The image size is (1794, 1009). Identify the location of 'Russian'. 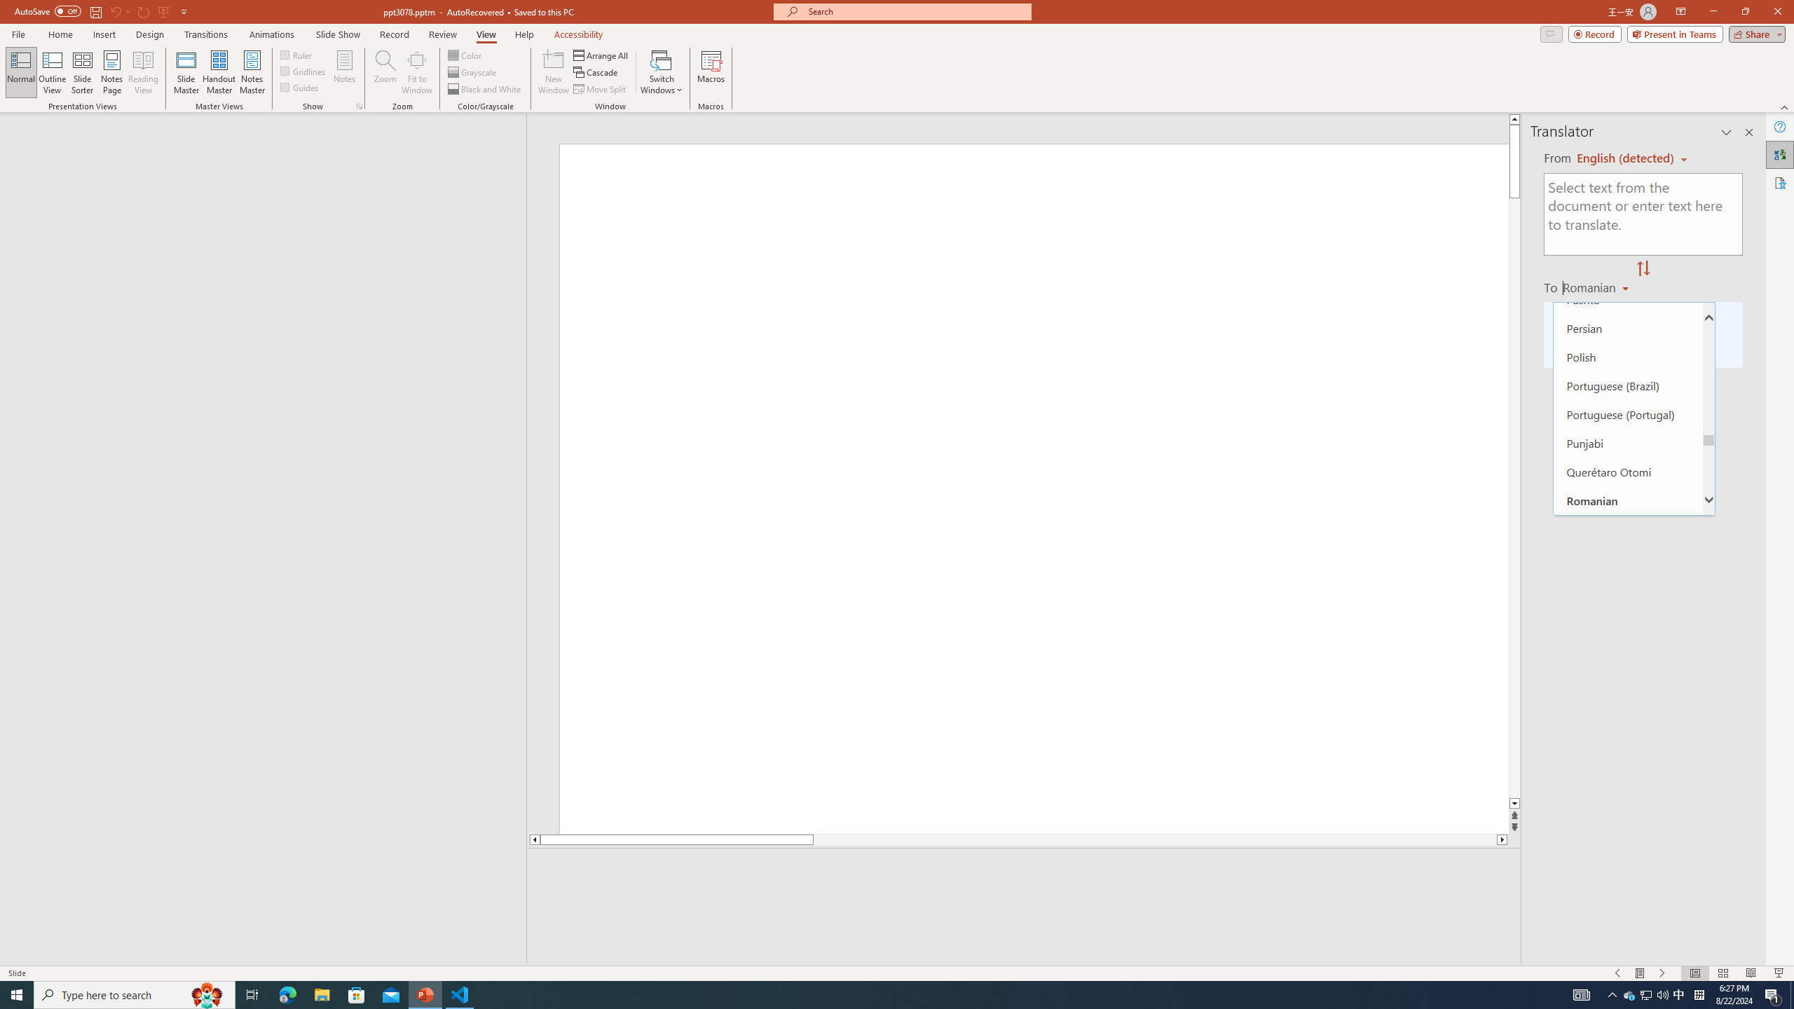
(1628, 556).